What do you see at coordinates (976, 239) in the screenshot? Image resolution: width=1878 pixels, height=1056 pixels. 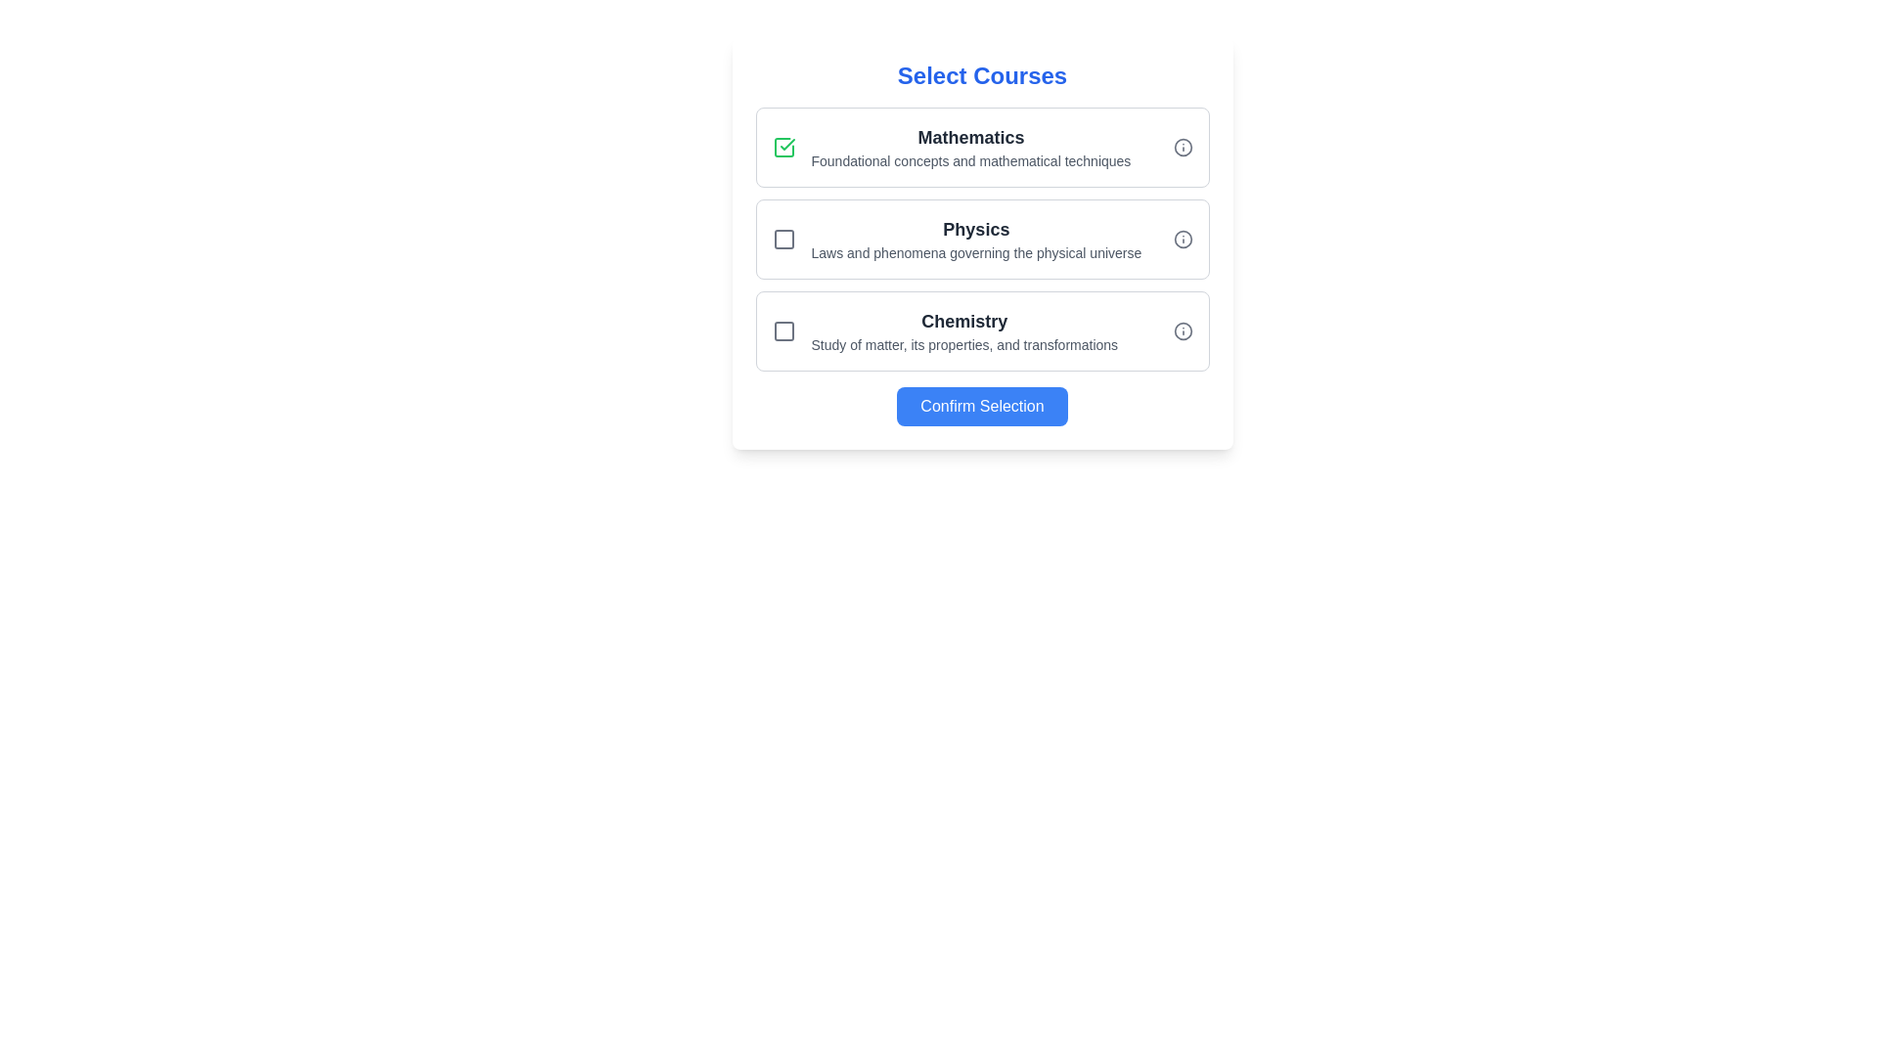 I see `the List Item element labeled 'Physics' with a description about physical laws` at bounding box center [976, 239].